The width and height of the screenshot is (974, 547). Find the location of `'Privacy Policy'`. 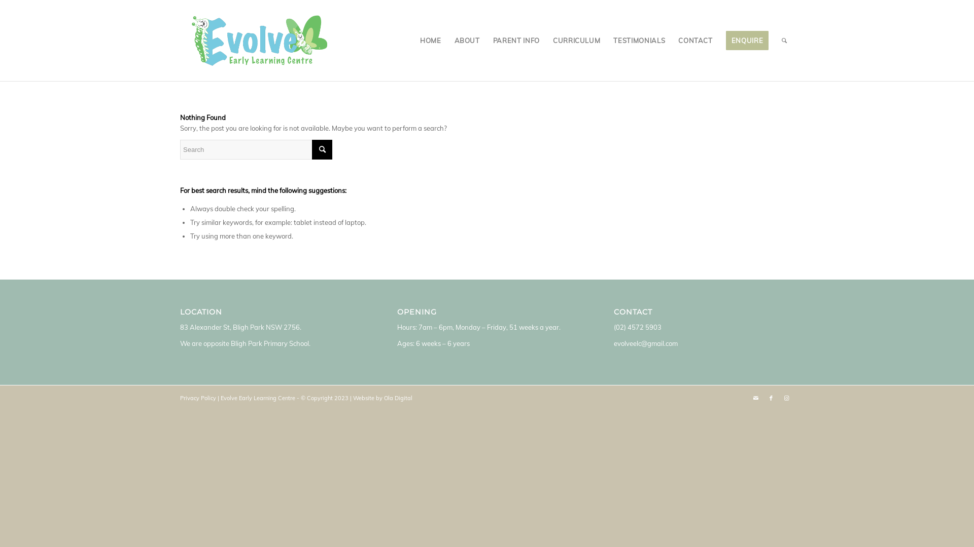

'Privacy Policy' is located at coordinates (198, 398).